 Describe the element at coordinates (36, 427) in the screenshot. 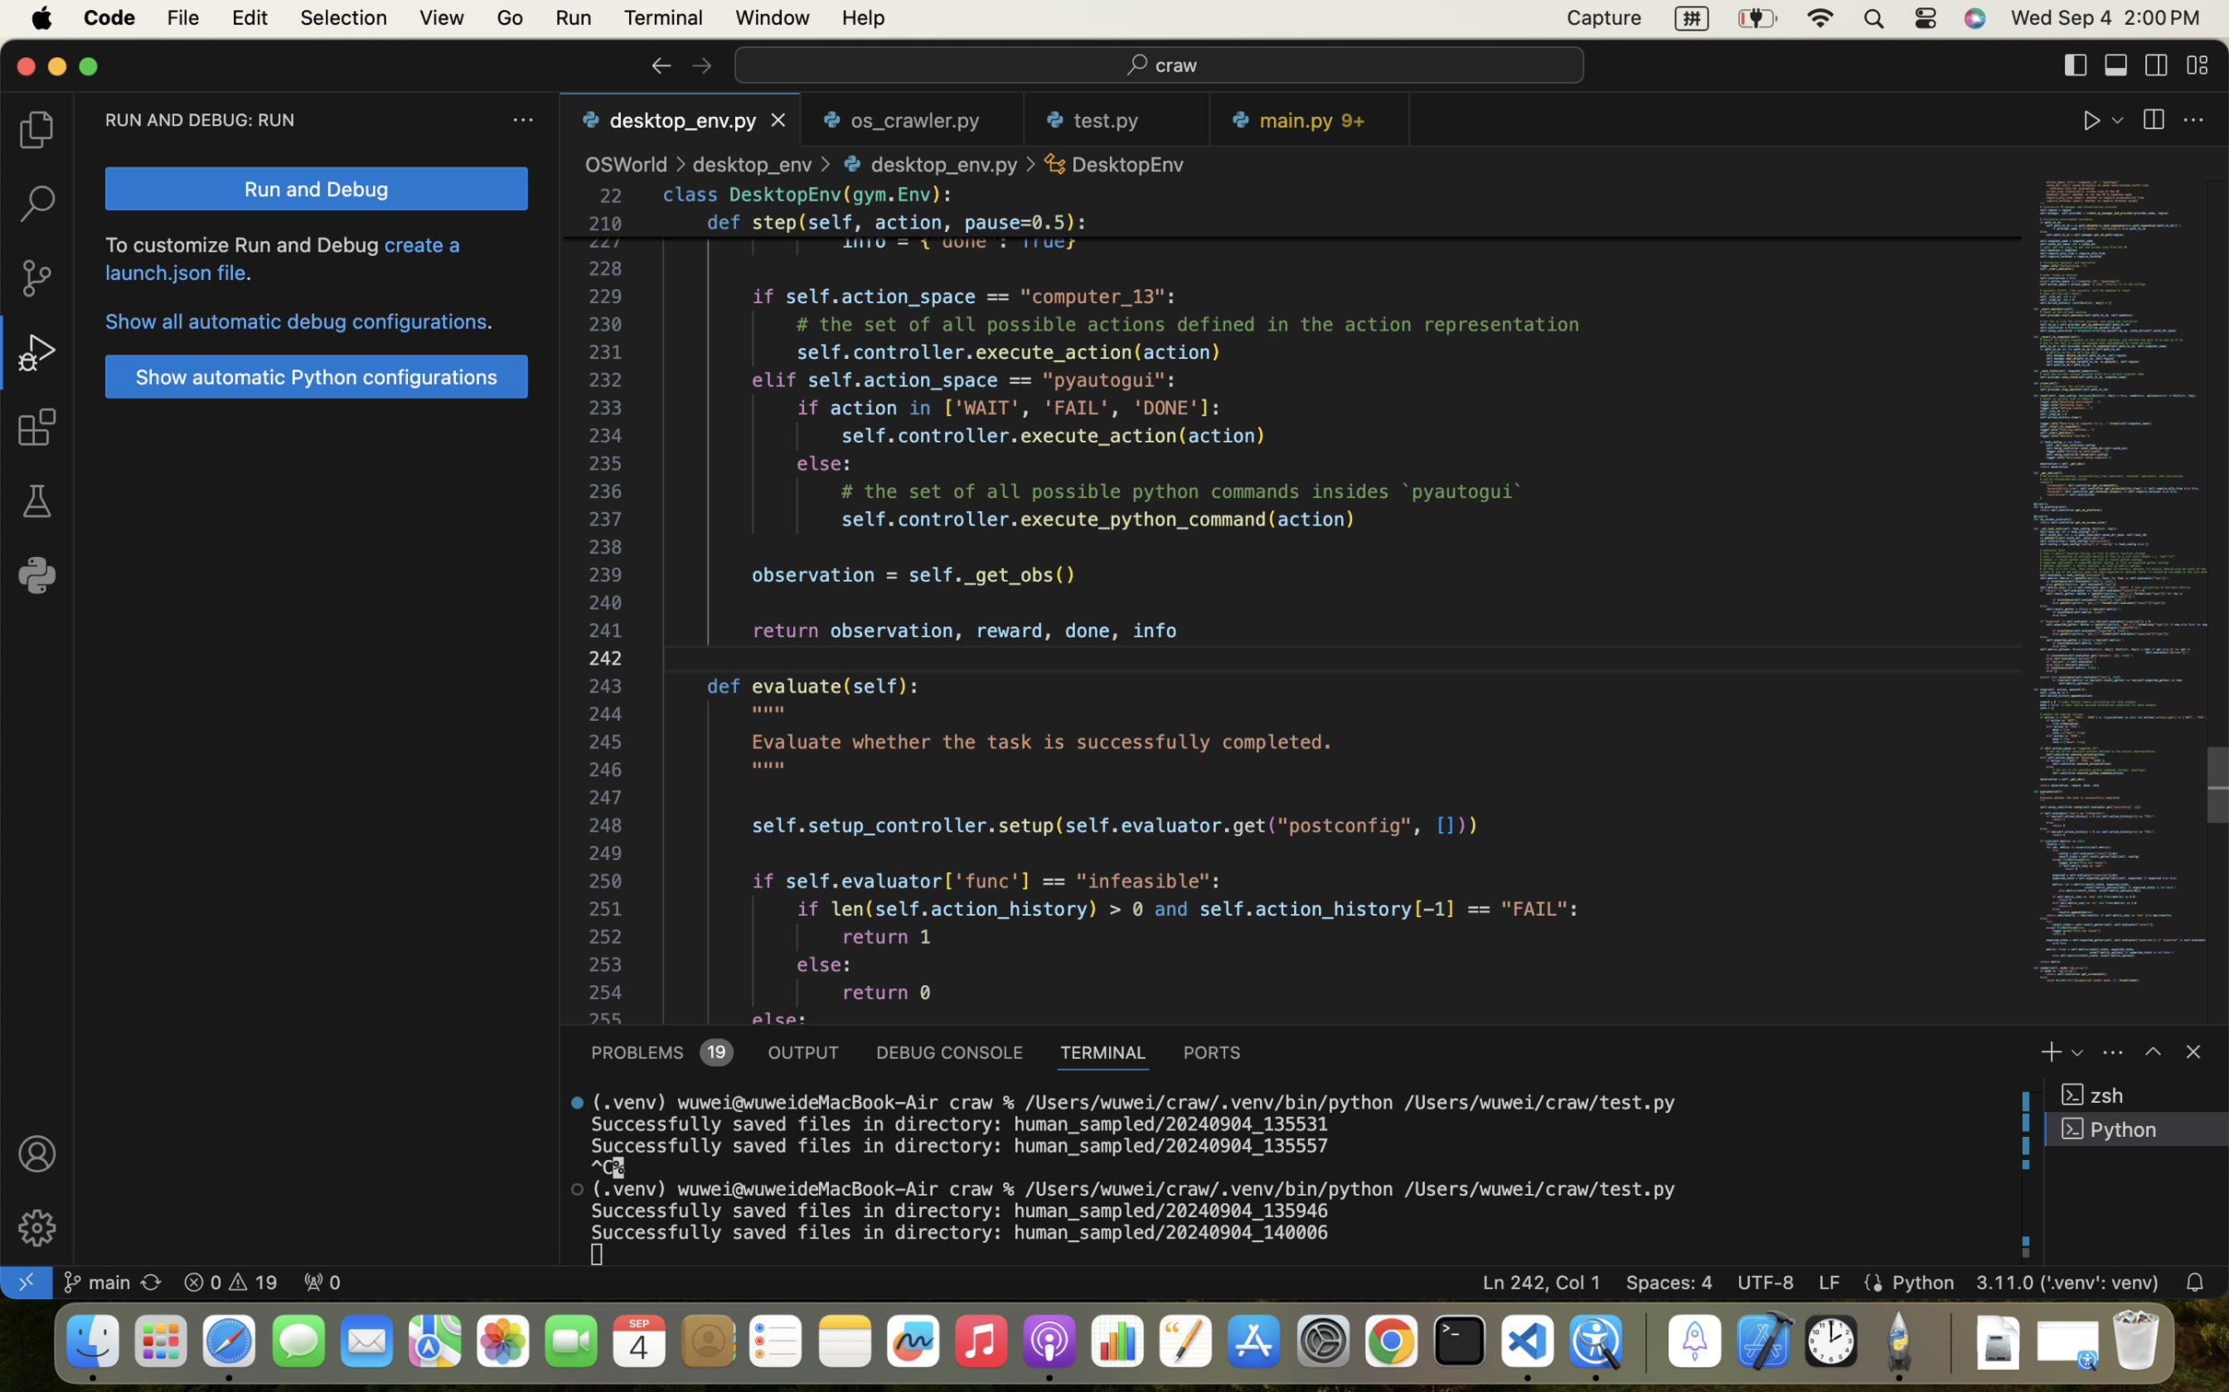

I see `'0 '` at that location.